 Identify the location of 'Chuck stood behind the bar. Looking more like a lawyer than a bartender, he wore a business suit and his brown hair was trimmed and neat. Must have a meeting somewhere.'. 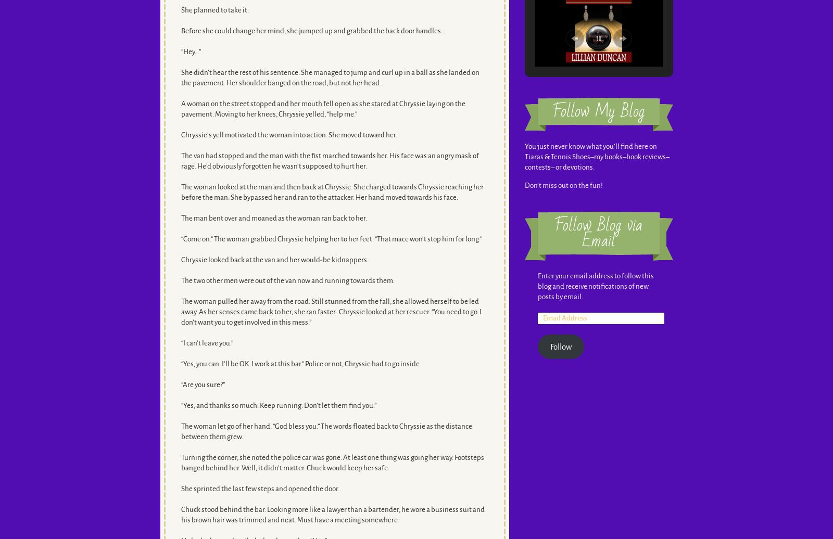
(332, 515).